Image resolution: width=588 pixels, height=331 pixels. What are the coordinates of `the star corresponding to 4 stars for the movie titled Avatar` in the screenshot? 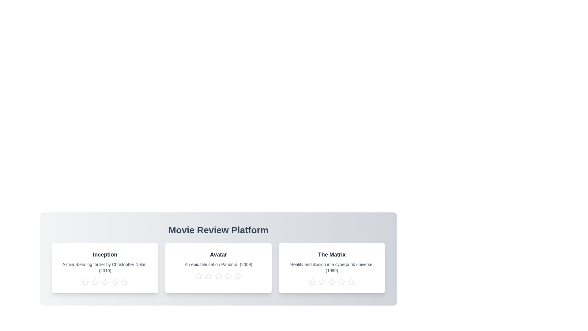 It's located at (228, 276).